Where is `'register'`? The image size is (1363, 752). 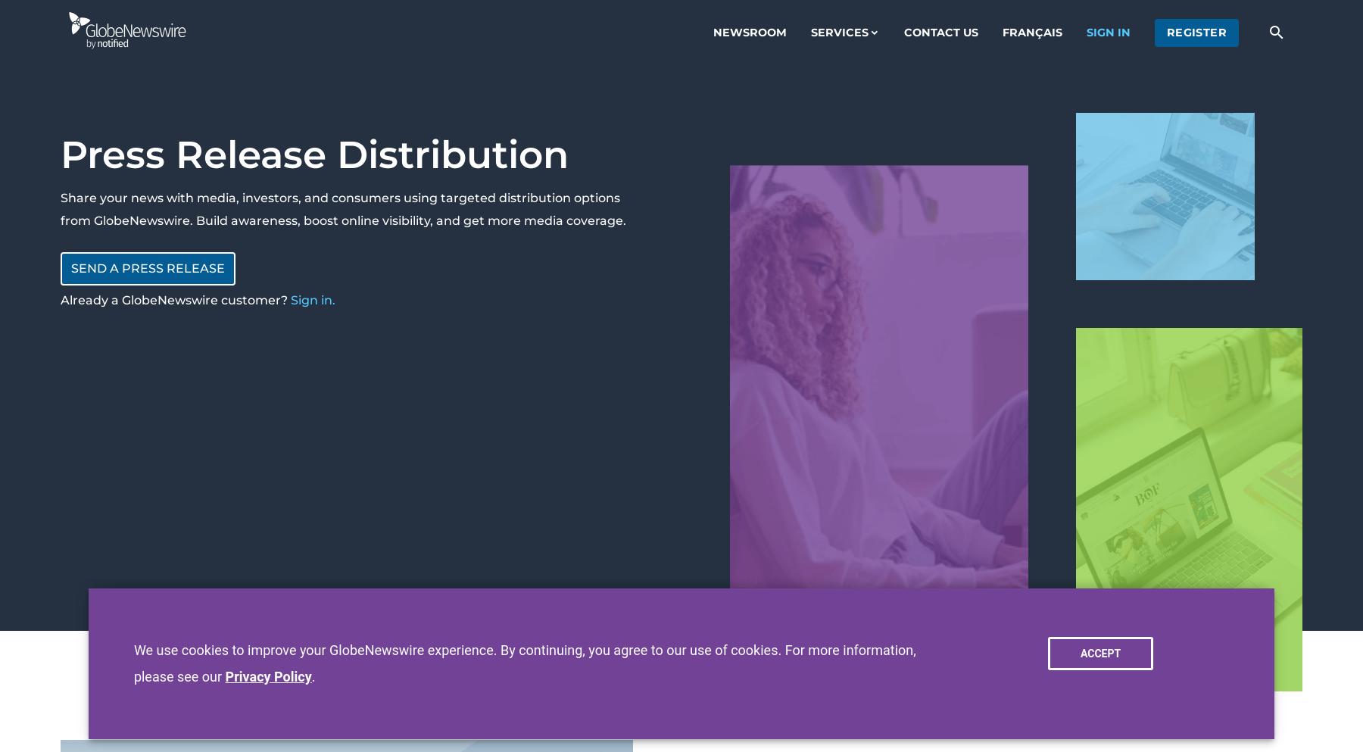 'register' is located at coordinates (1196, 32).